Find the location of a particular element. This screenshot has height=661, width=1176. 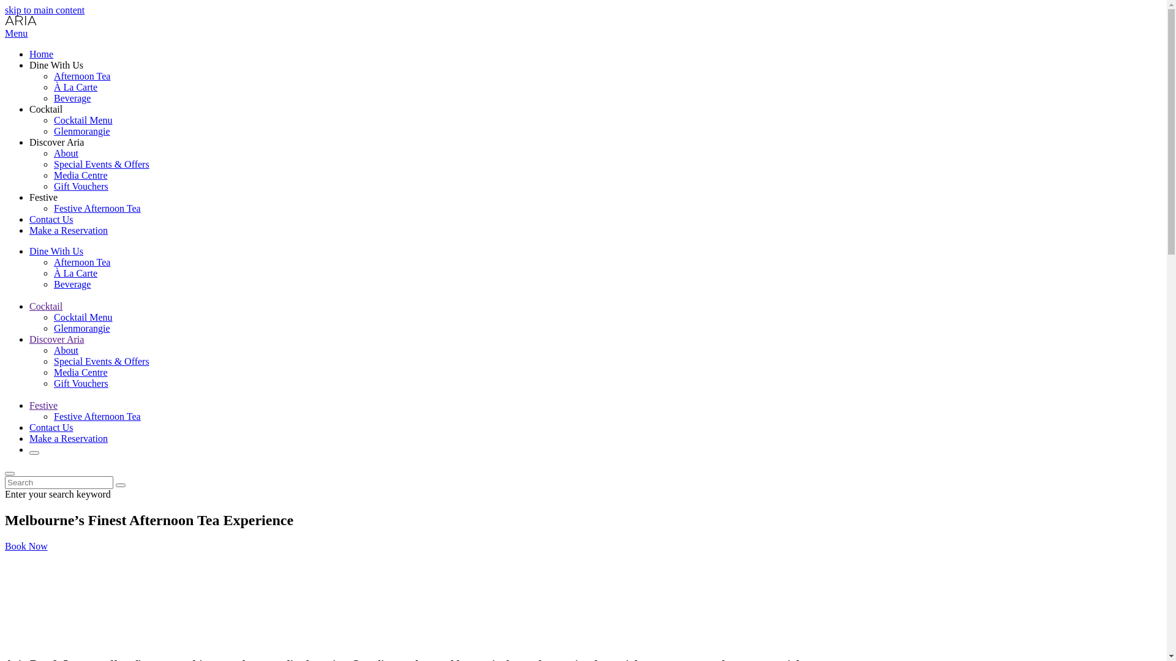

'skip to main content' is located at coordinates (44, 10).